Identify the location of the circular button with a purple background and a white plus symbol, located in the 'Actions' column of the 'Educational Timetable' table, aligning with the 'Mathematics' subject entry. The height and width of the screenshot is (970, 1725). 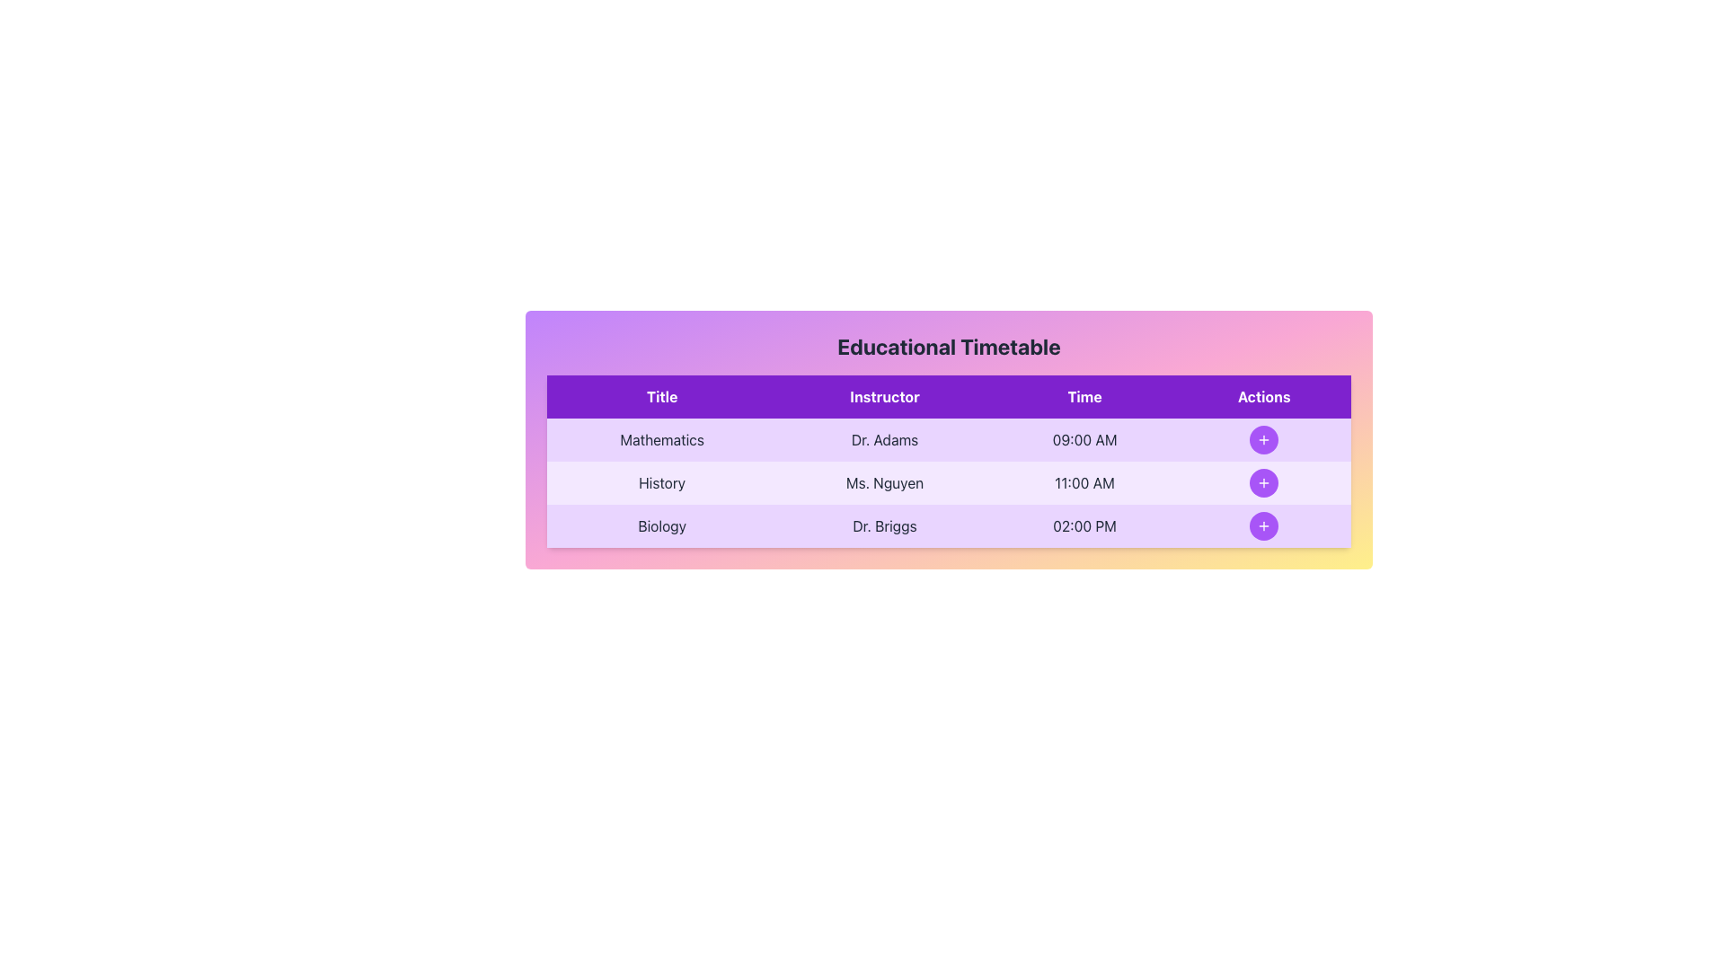
(1263, 439).